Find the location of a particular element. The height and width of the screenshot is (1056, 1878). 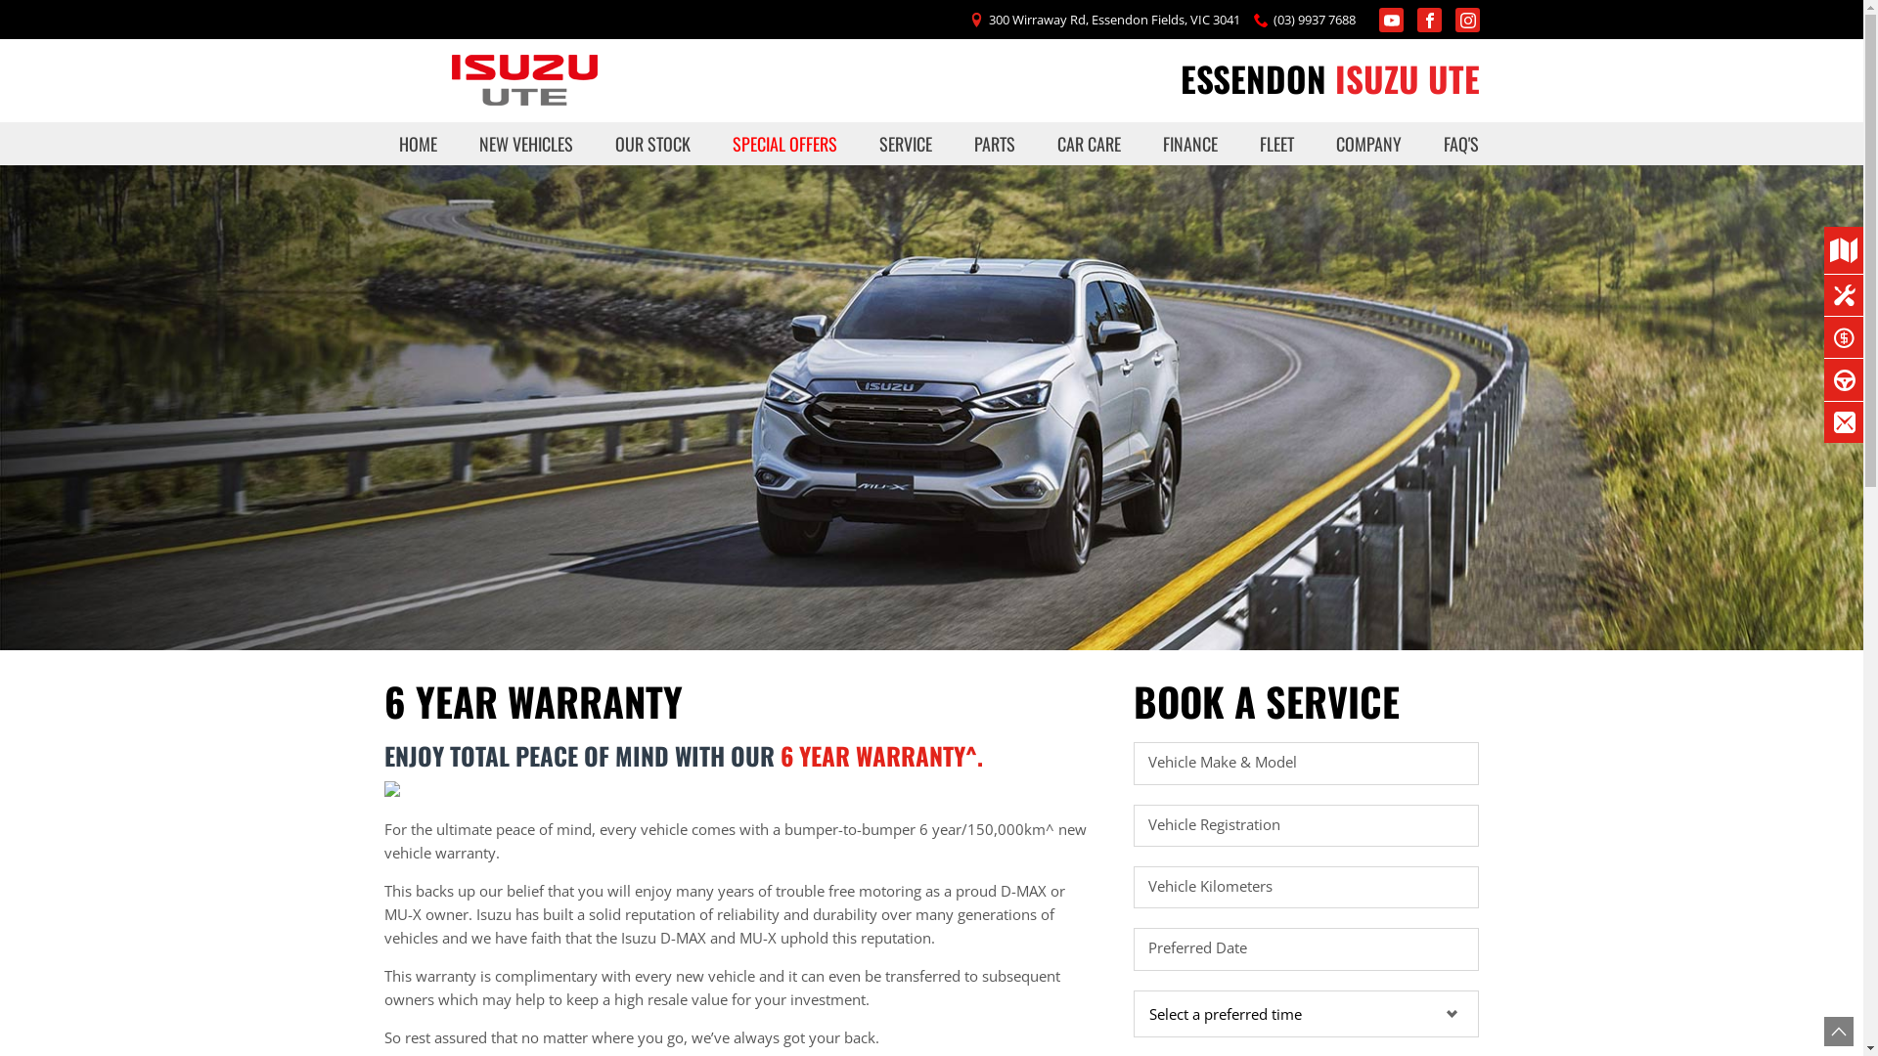

'FINANCE' is located at coordinates (1189, 142).